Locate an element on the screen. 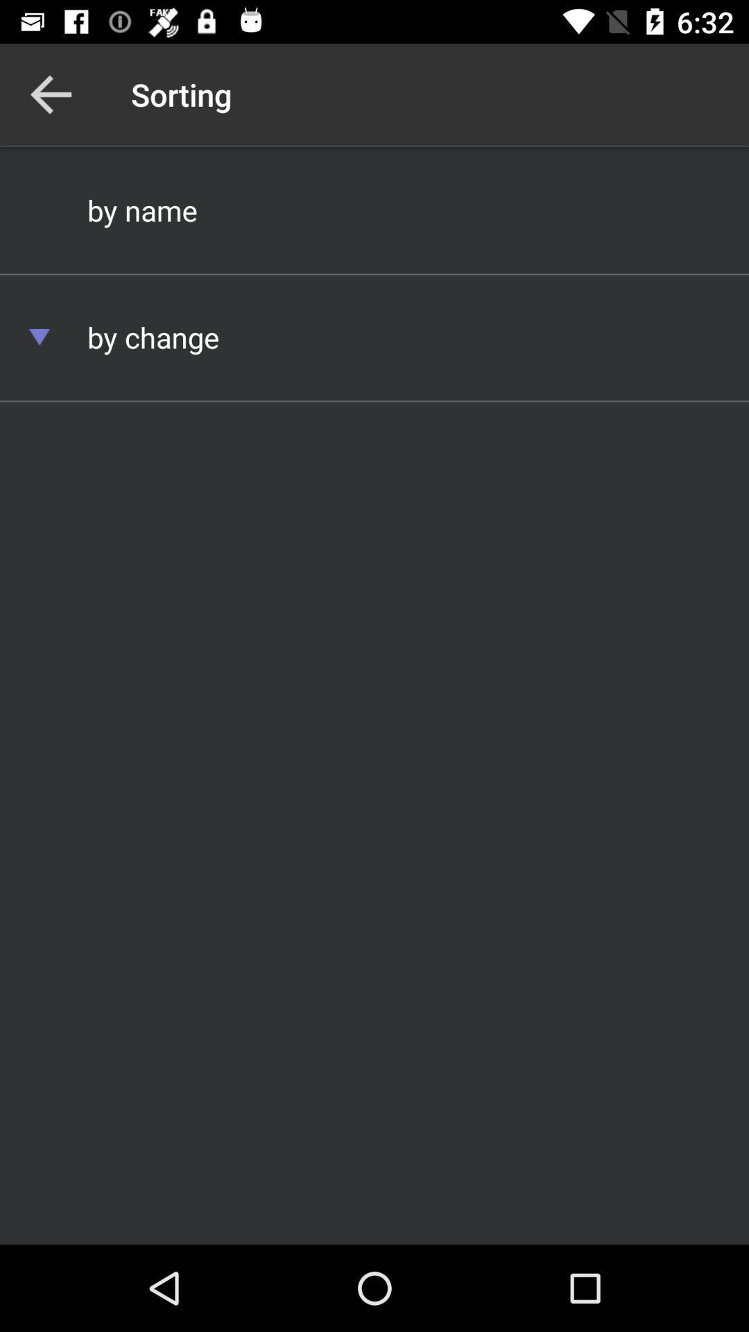 The height and width of the screenshot is (1332, 749). the item below by name is located at coordinates (374, 336).